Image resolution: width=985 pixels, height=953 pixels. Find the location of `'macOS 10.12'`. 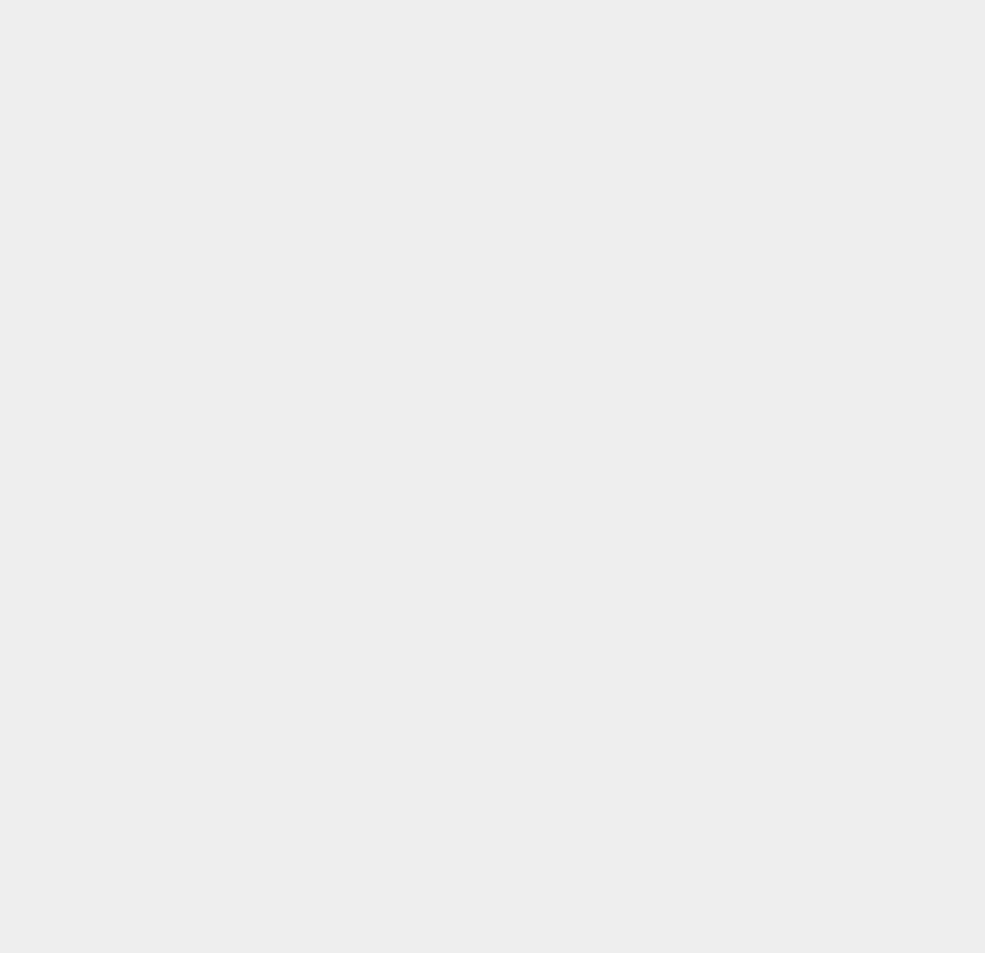

'macOS 10.12' is located at coordinates (734, 926).